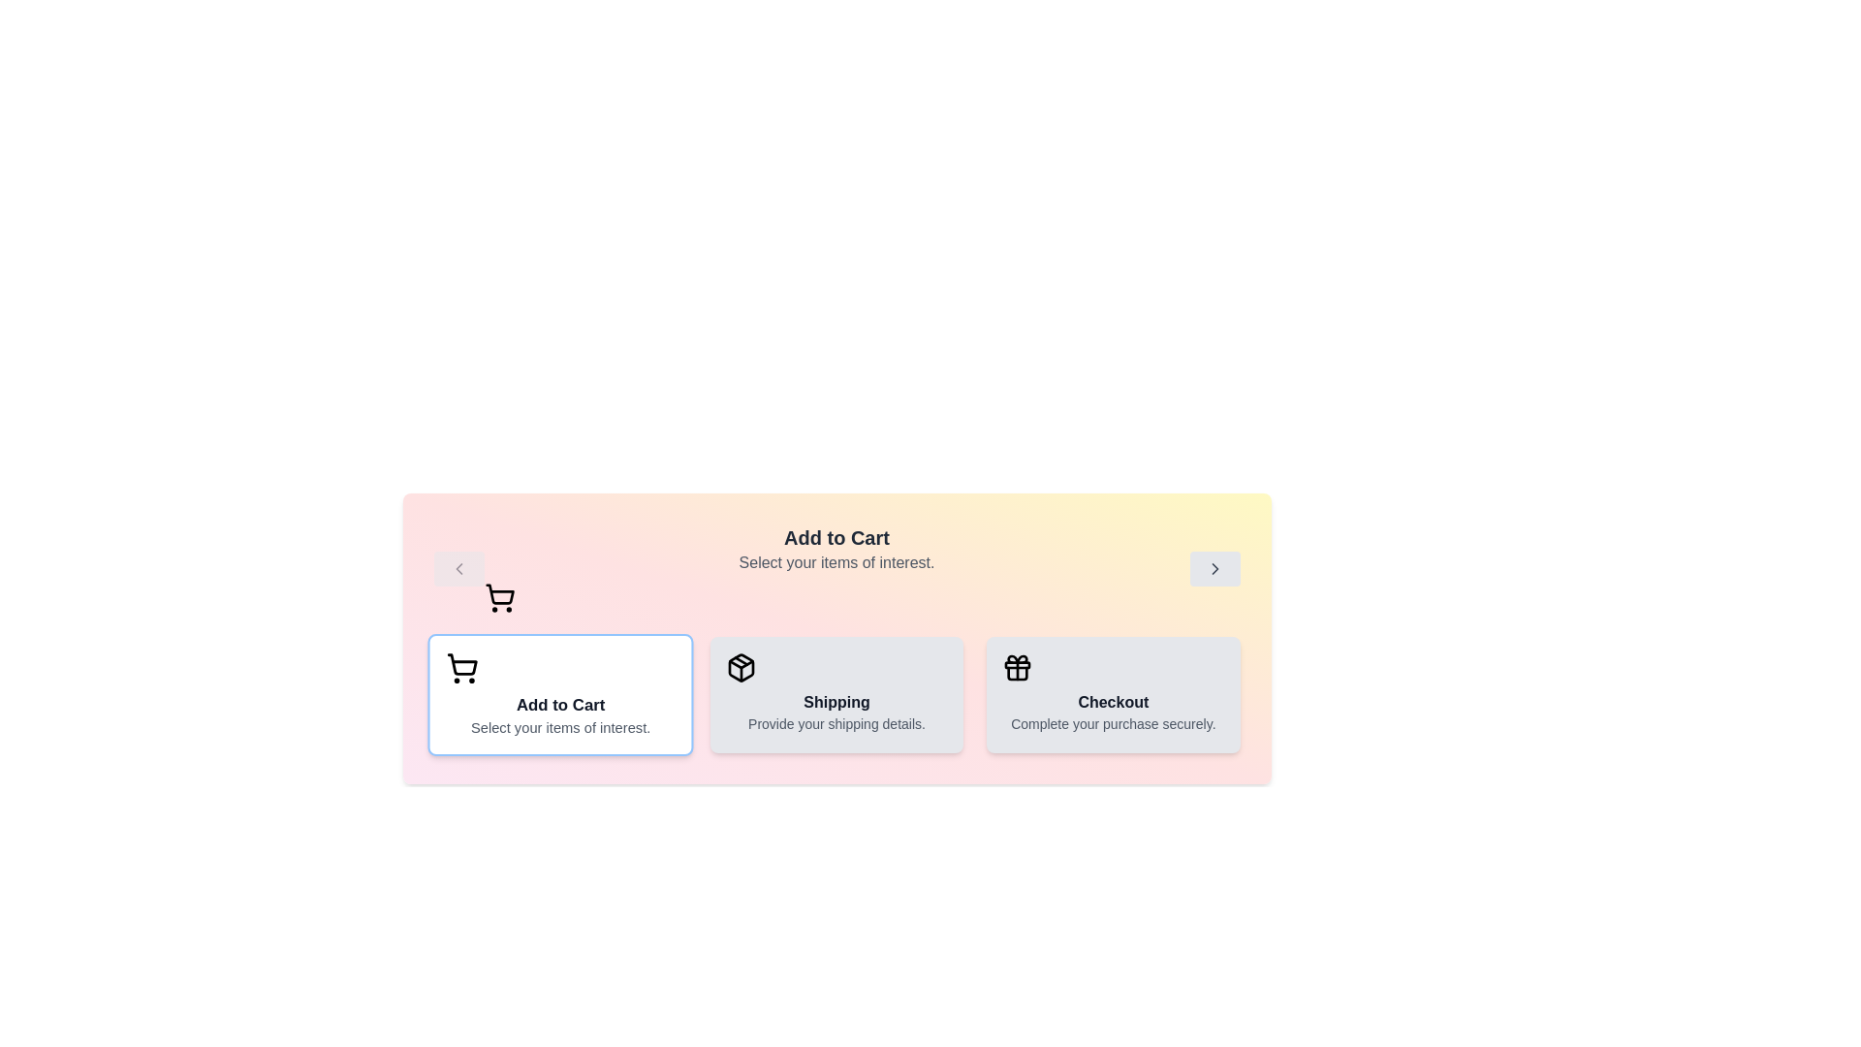 The height and width of the screenshot is (1047, 1861). Describe the element at coordinates (1113, 724) in the screenshot. I see `the Text label that provides guidance related to securing the purchase process in the checkout section, positioned at the bottom of the 'Checkout' card` at that location.